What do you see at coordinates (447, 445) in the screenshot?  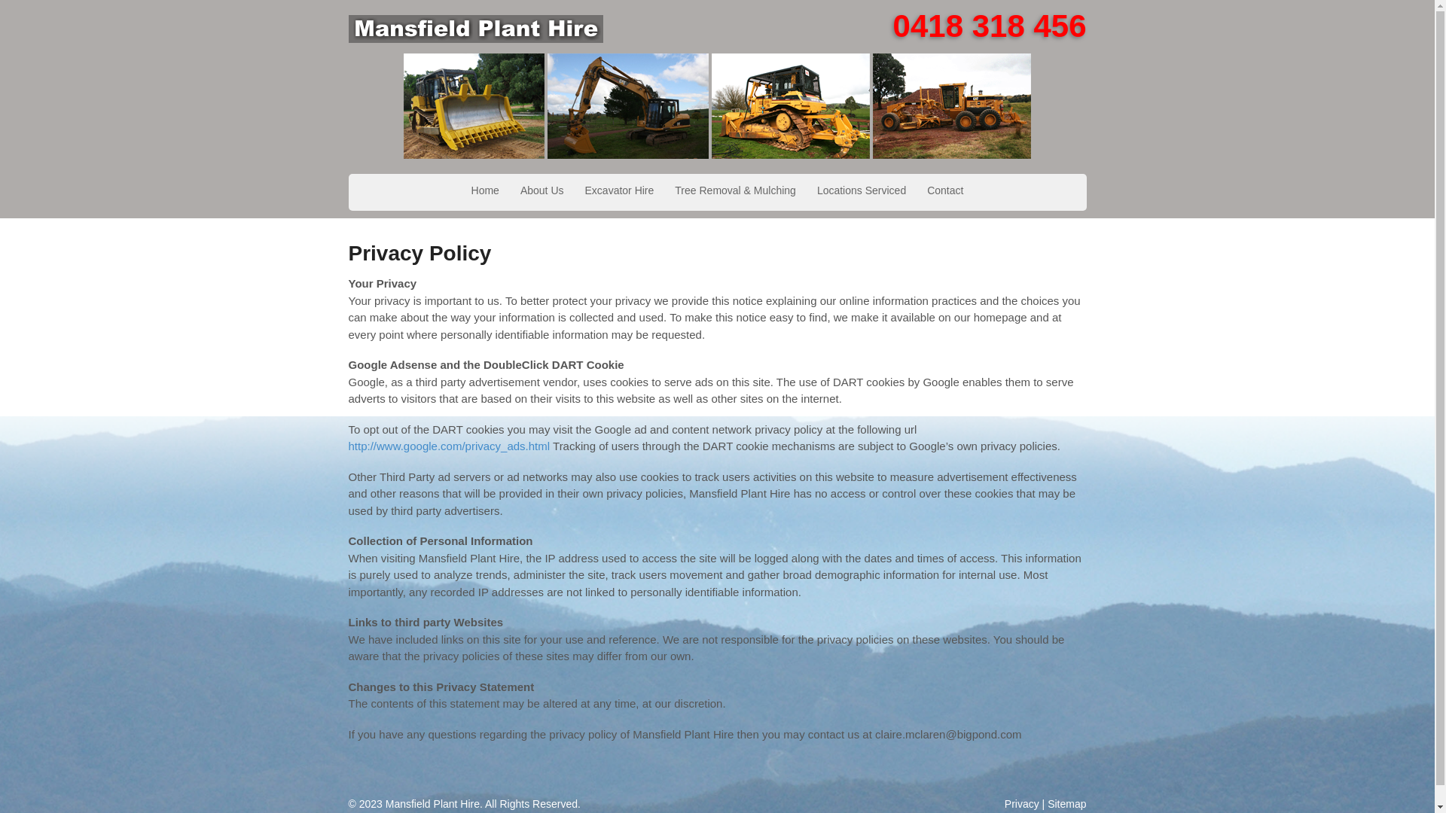 I see `'http://www.google.com/privacy_ads.html'` at bounding box center [447, 445].